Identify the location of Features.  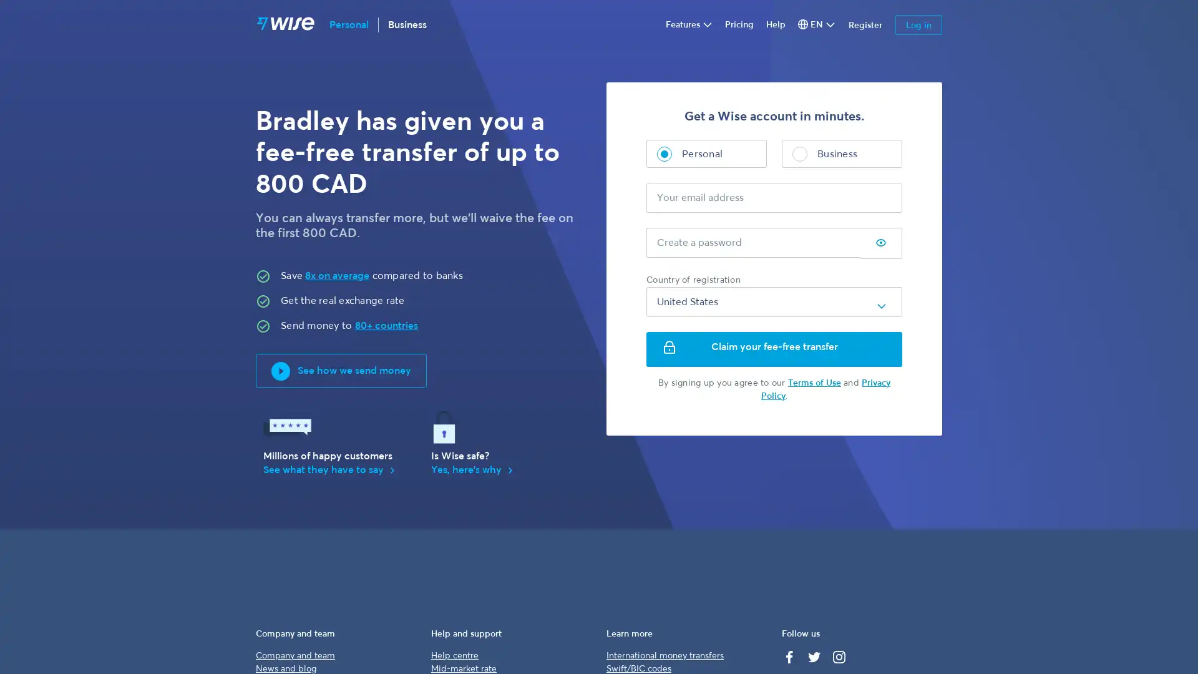
(688, 24).